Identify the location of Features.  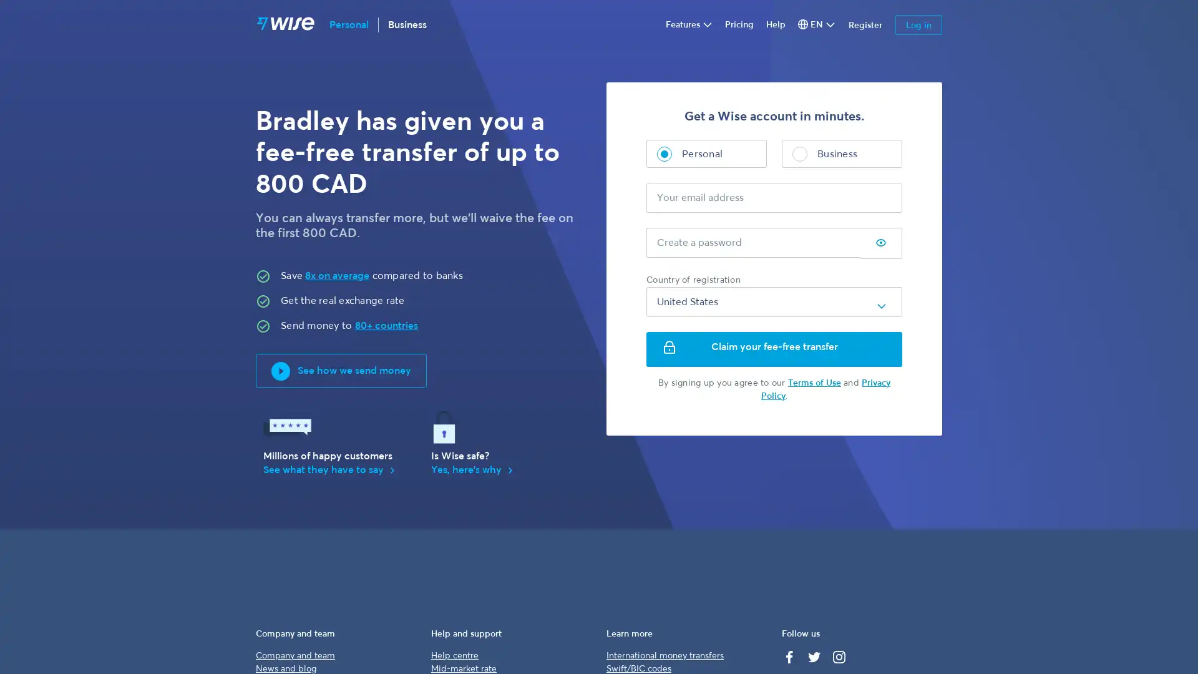
(688, 24).